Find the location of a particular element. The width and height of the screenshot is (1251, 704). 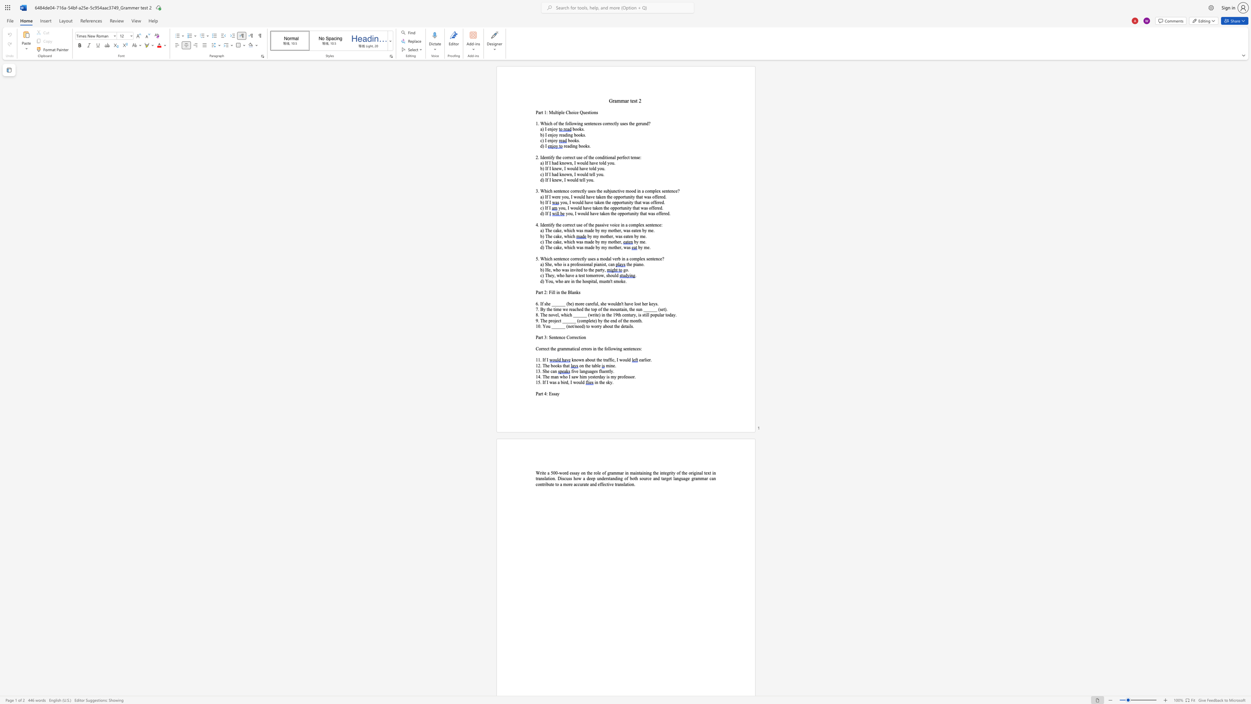

the subset text "rt 2: Fi" within the text "Part 2: Fill in the Blanks" is located at coordinates (540, 292).